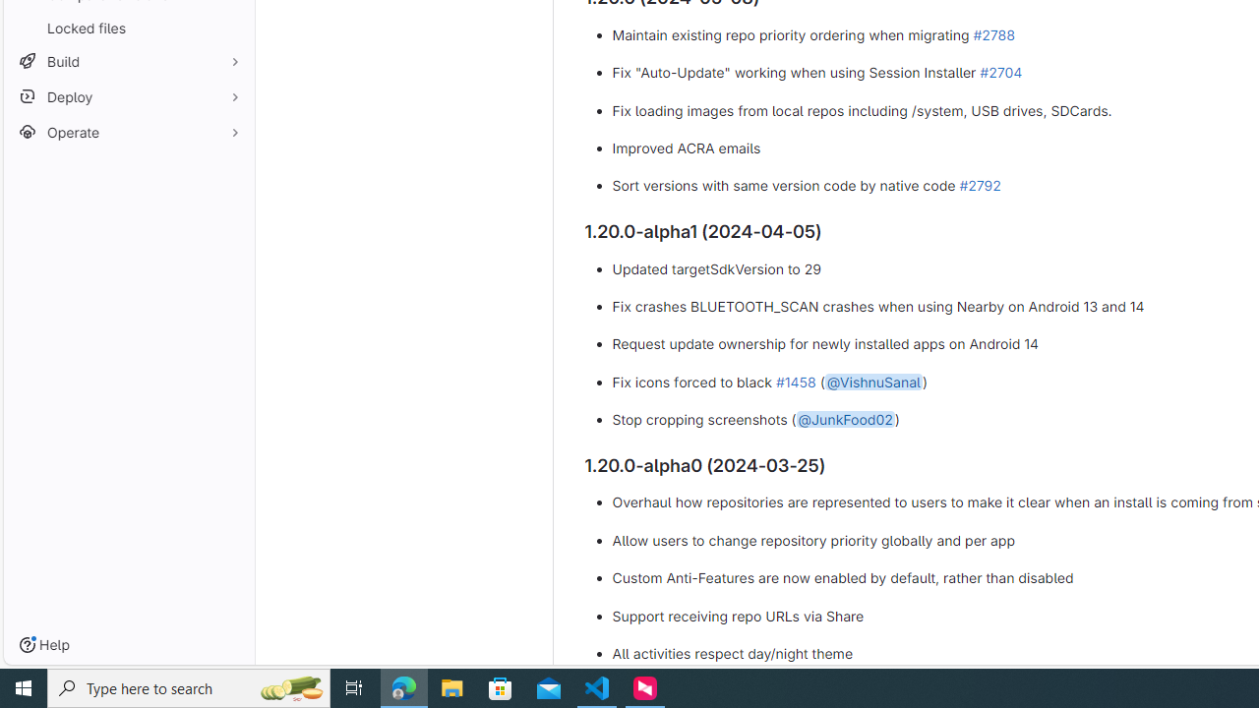 This screenshot has width=1259, height=708. I want to click on 'Task View', so click(353, 686).